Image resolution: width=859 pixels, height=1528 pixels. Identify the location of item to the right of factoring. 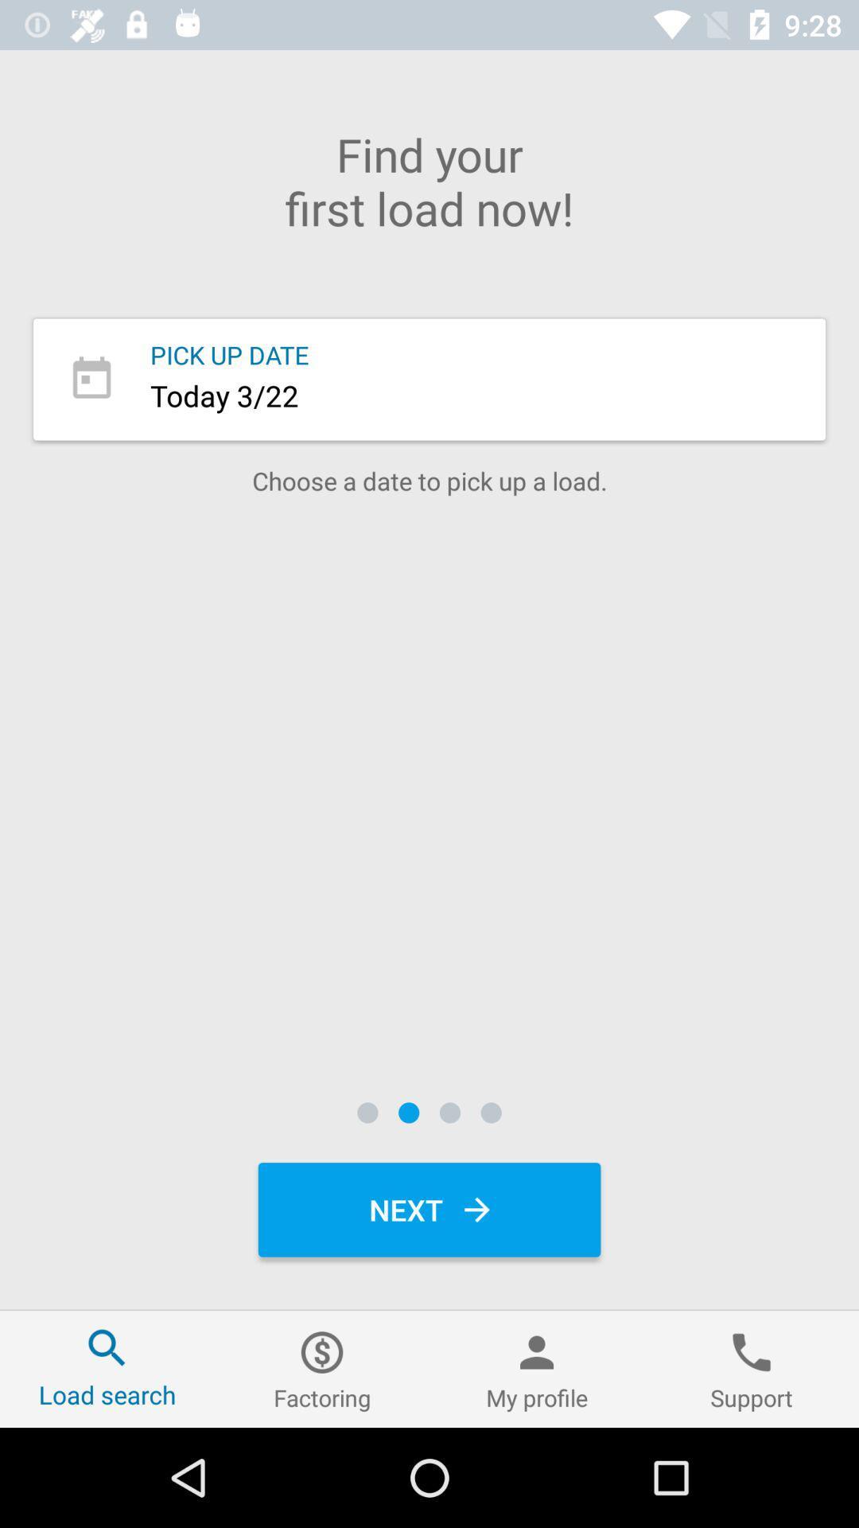
(537, 1368).